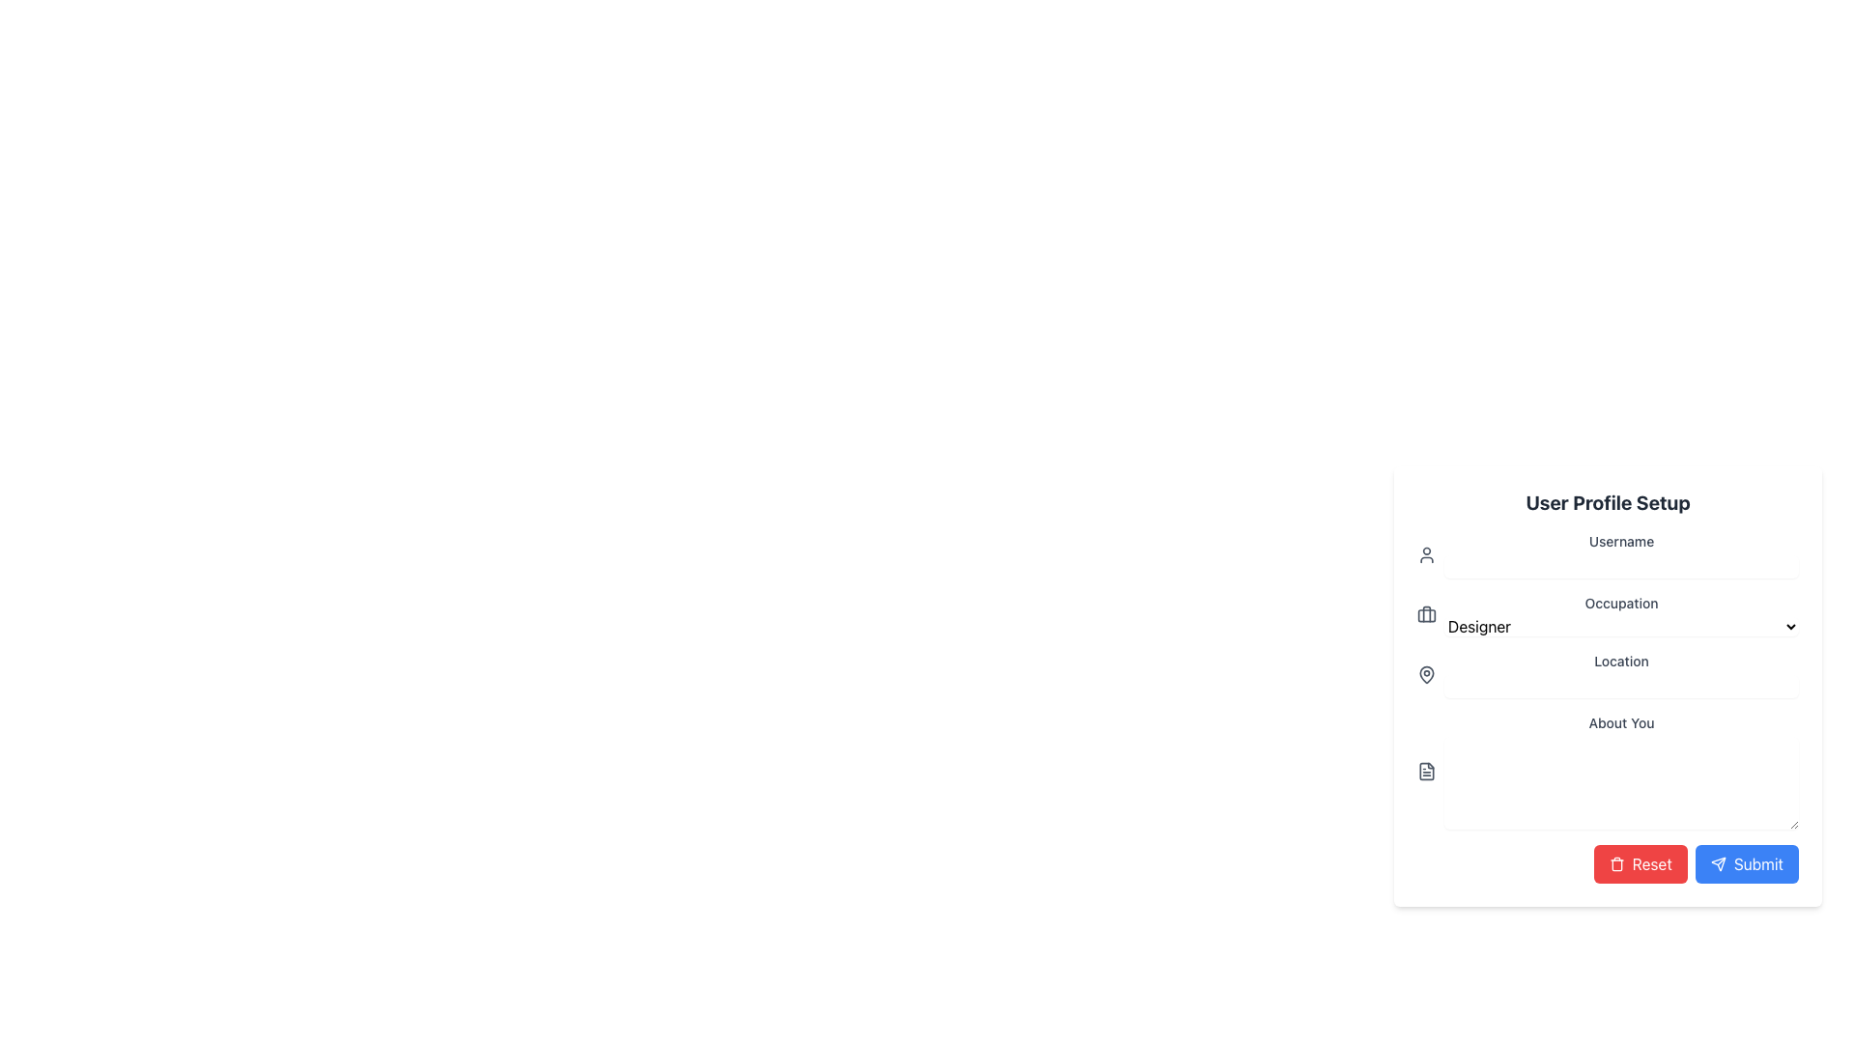 The image size is (1855, 1043). Describe the element at coordinates (1621, 722) in the screenshot. I see `the 'About You' text label, which is styled in gray with a small font size, located centrally within the 'User Profile Setup' form, positioned below the 'Location' dropdown and above a text area input field` at that location.